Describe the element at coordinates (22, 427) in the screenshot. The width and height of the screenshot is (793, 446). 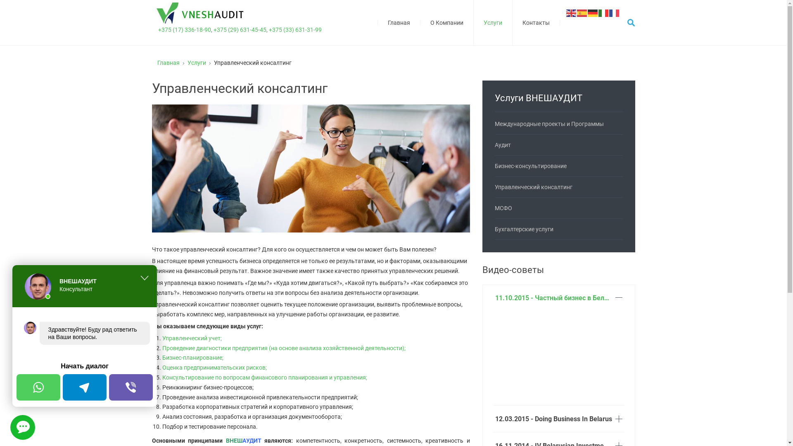
I see `' '` at that location.